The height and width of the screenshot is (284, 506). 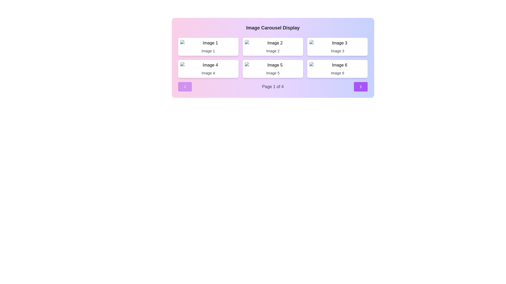 What do you see at coordinates (208, 51) in the screenshot?
I see `the text label located at the center of the first card in the grid layout, directly below the image placeholder labeled 'Image 1'` at bounding box center [208, 51].